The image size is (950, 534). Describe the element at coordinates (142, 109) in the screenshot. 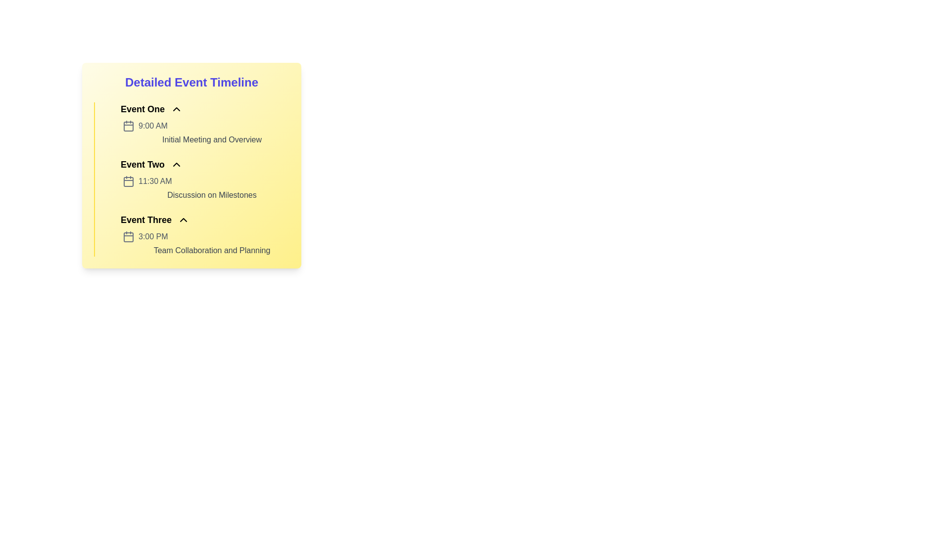

I see `text content of the label displaying 'Event One', which is a bold text on a light yellow background located below the heading 'Detailed Event Timeline'` at that location.